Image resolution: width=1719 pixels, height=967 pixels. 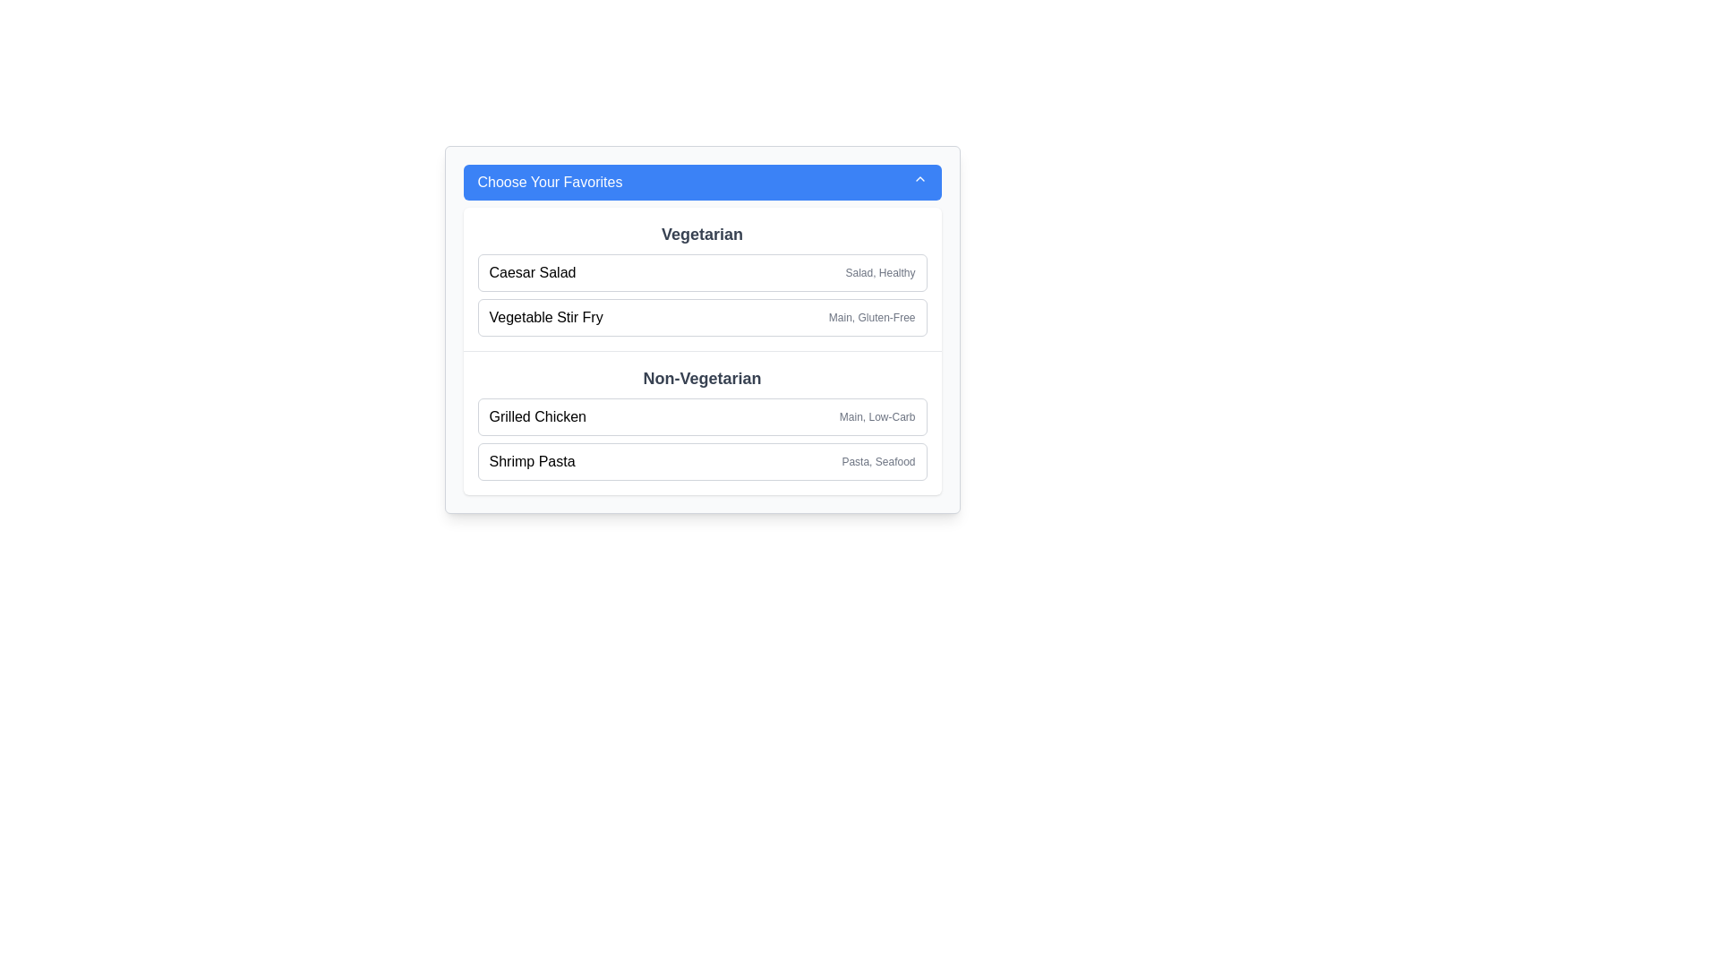 I want to click on the 'Grilled Chicken' text label which is part of the 'Grilled Chicken Main, Low-Carb' item in the 'Non-Vegetarian' section, so click(x=536, y=417).